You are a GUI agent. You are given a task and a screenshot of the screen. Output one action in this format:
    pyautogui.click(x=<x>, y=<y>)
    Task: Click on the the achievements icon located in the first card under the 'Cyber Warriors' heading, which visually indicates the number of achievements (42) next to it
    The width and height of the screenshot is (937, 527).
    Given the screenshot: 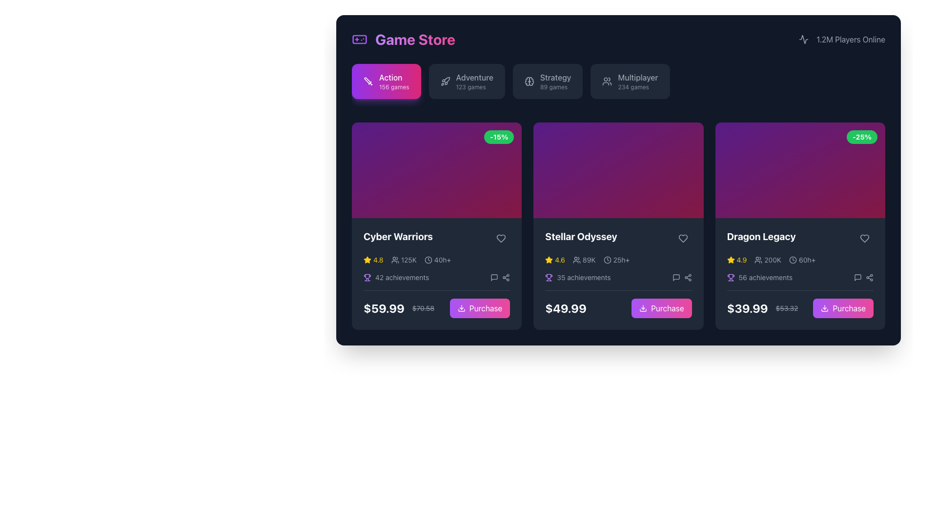 What is the action you would take?
    pyautogui.click(x=367, y=277)
    